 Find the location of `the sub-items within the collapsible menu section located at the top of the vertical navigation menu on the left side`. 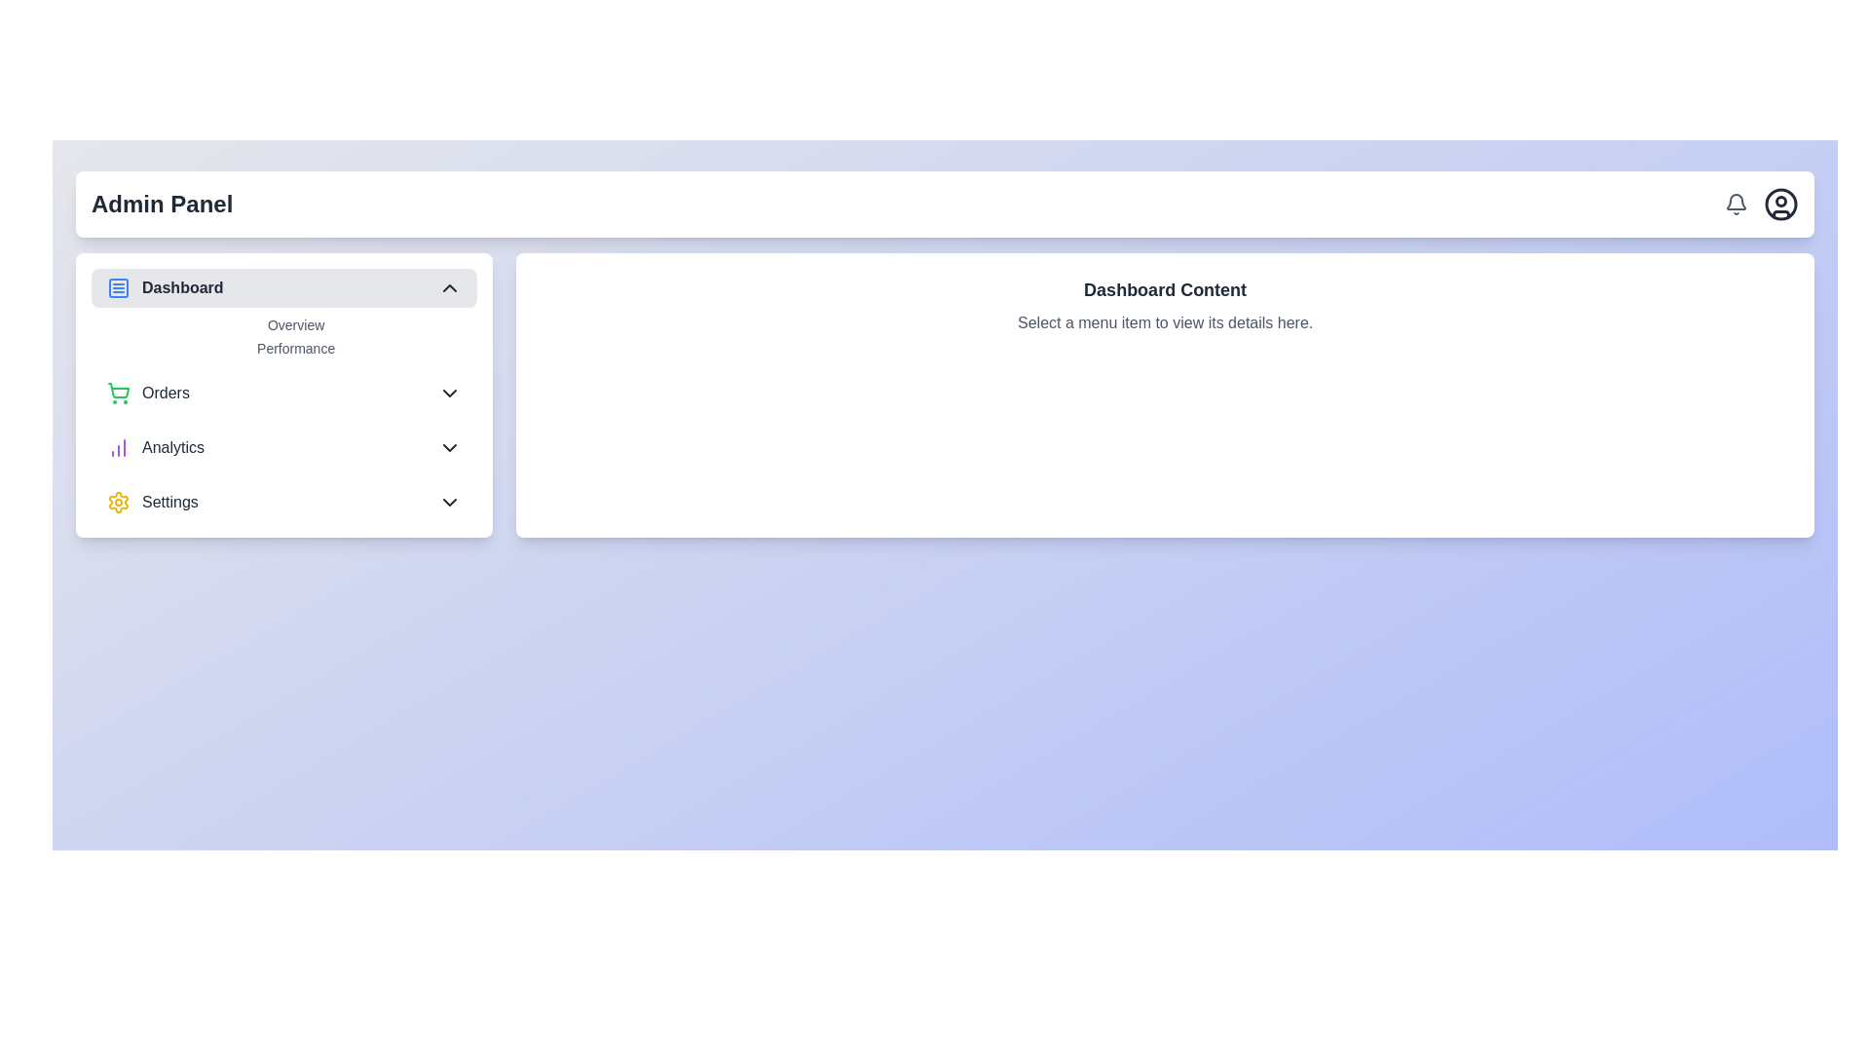

the sub-items within the collapsible menu section located at the top of the vertical navigation menu on the left side is located at coordinates (283, 312).